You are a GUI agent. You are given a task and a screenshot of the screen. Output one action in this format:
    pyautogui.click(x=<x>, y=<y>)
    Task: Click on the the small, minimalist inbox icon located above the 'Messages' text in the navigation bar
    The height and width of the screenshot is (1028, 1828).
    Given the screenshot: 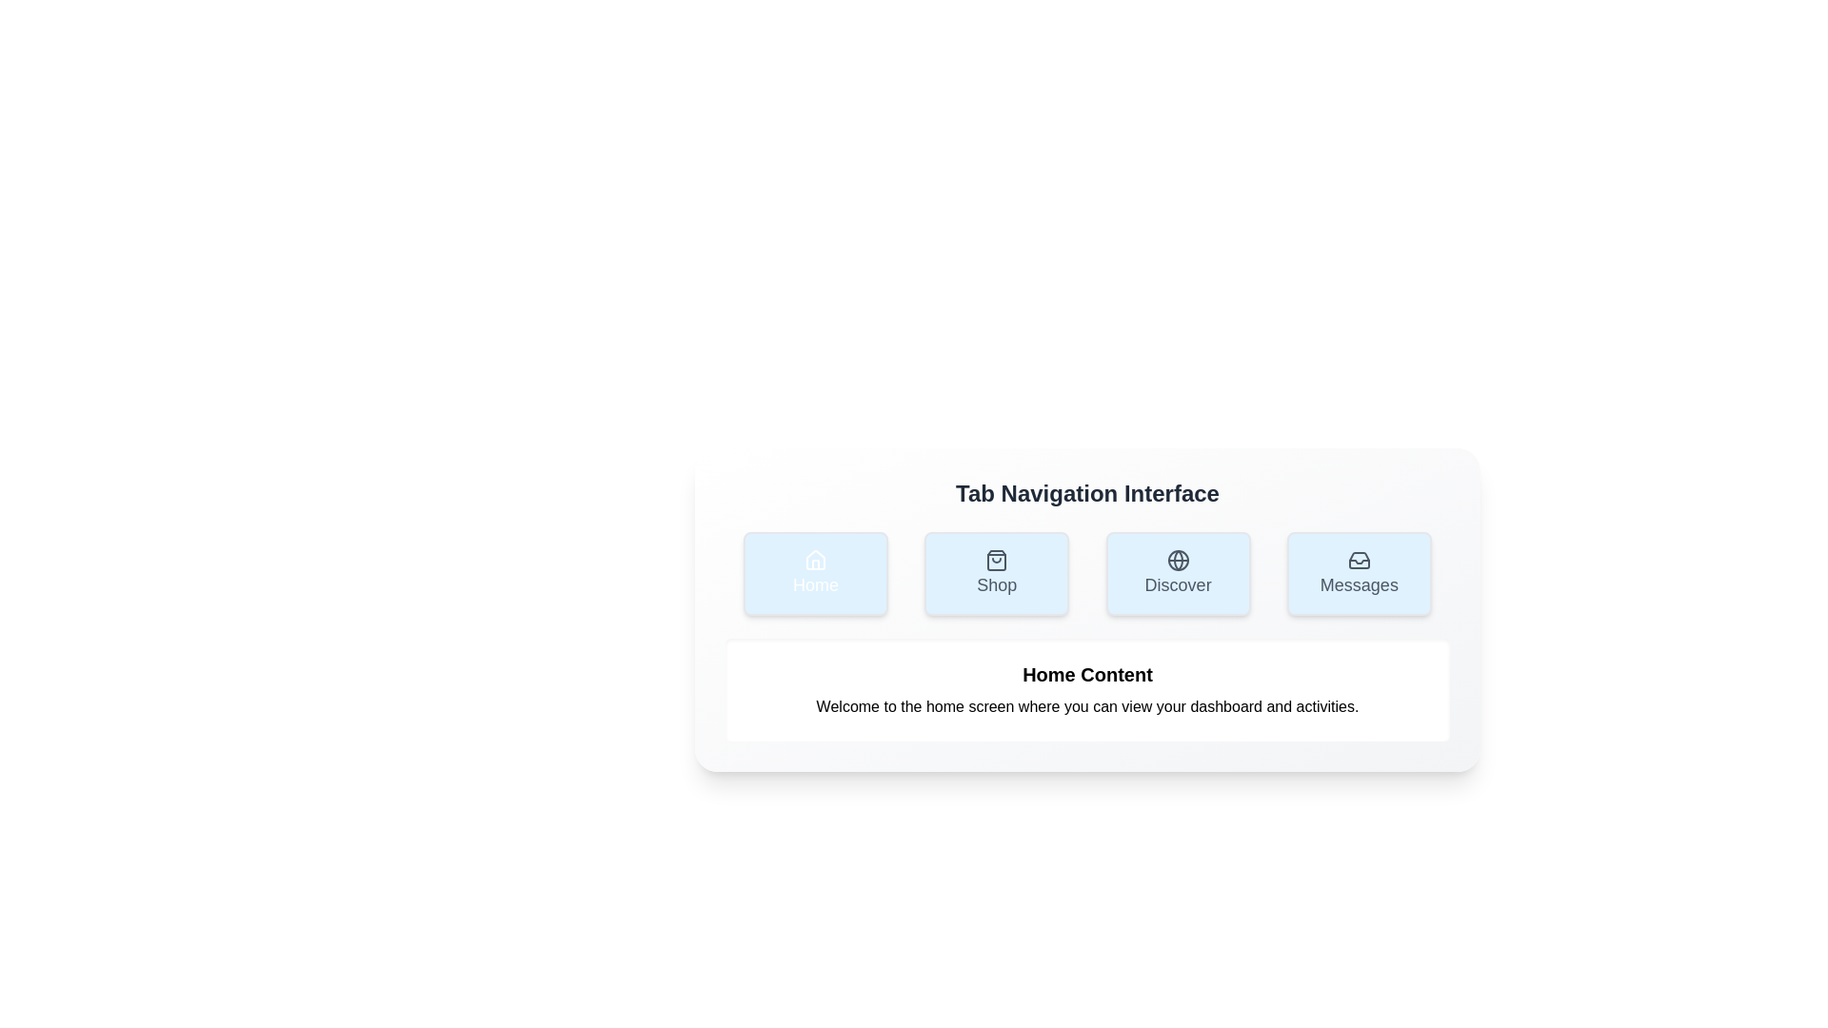 What is the action you would take?
    pyautogui.click(x=1358, y=560)
    